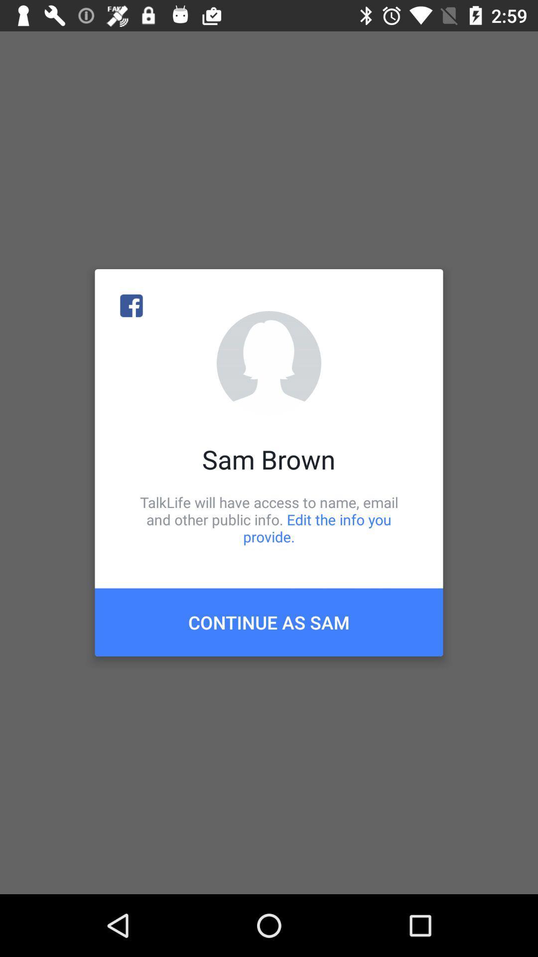 This screenshot has width=538, height=957. I want to click on talklife will have icon, so click(269, 519).